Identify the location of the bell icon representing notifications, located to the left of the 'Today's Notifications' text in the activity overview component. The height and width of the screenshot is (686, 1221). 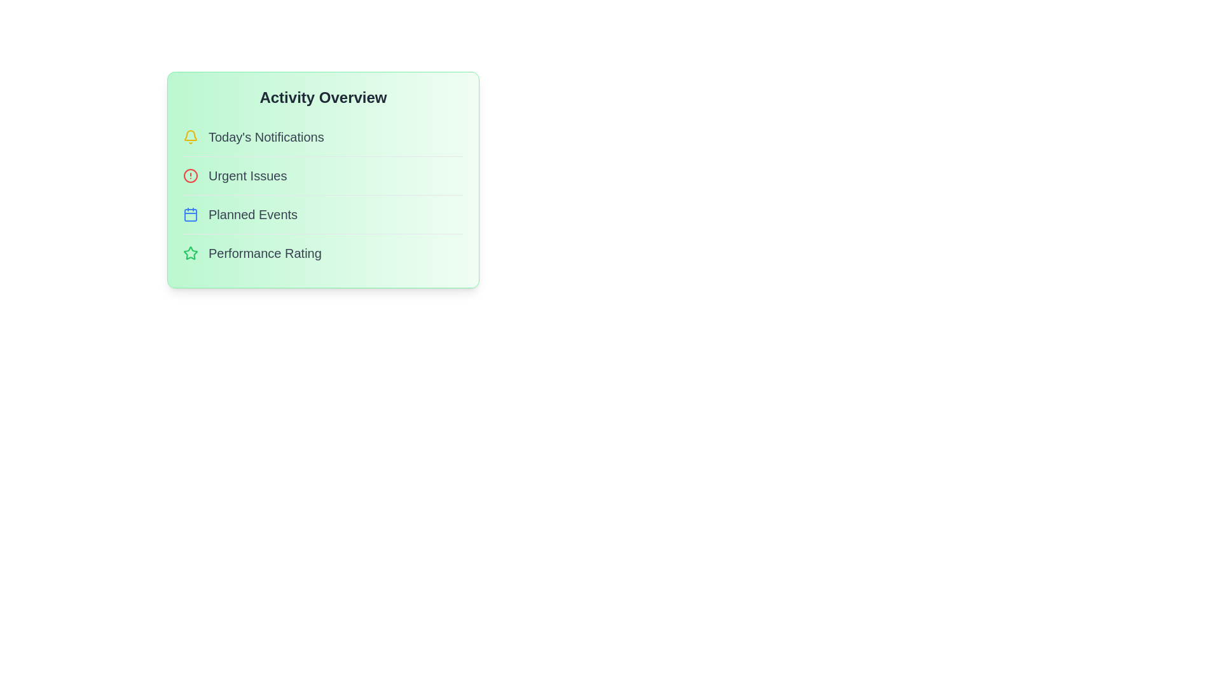
(190, 135).